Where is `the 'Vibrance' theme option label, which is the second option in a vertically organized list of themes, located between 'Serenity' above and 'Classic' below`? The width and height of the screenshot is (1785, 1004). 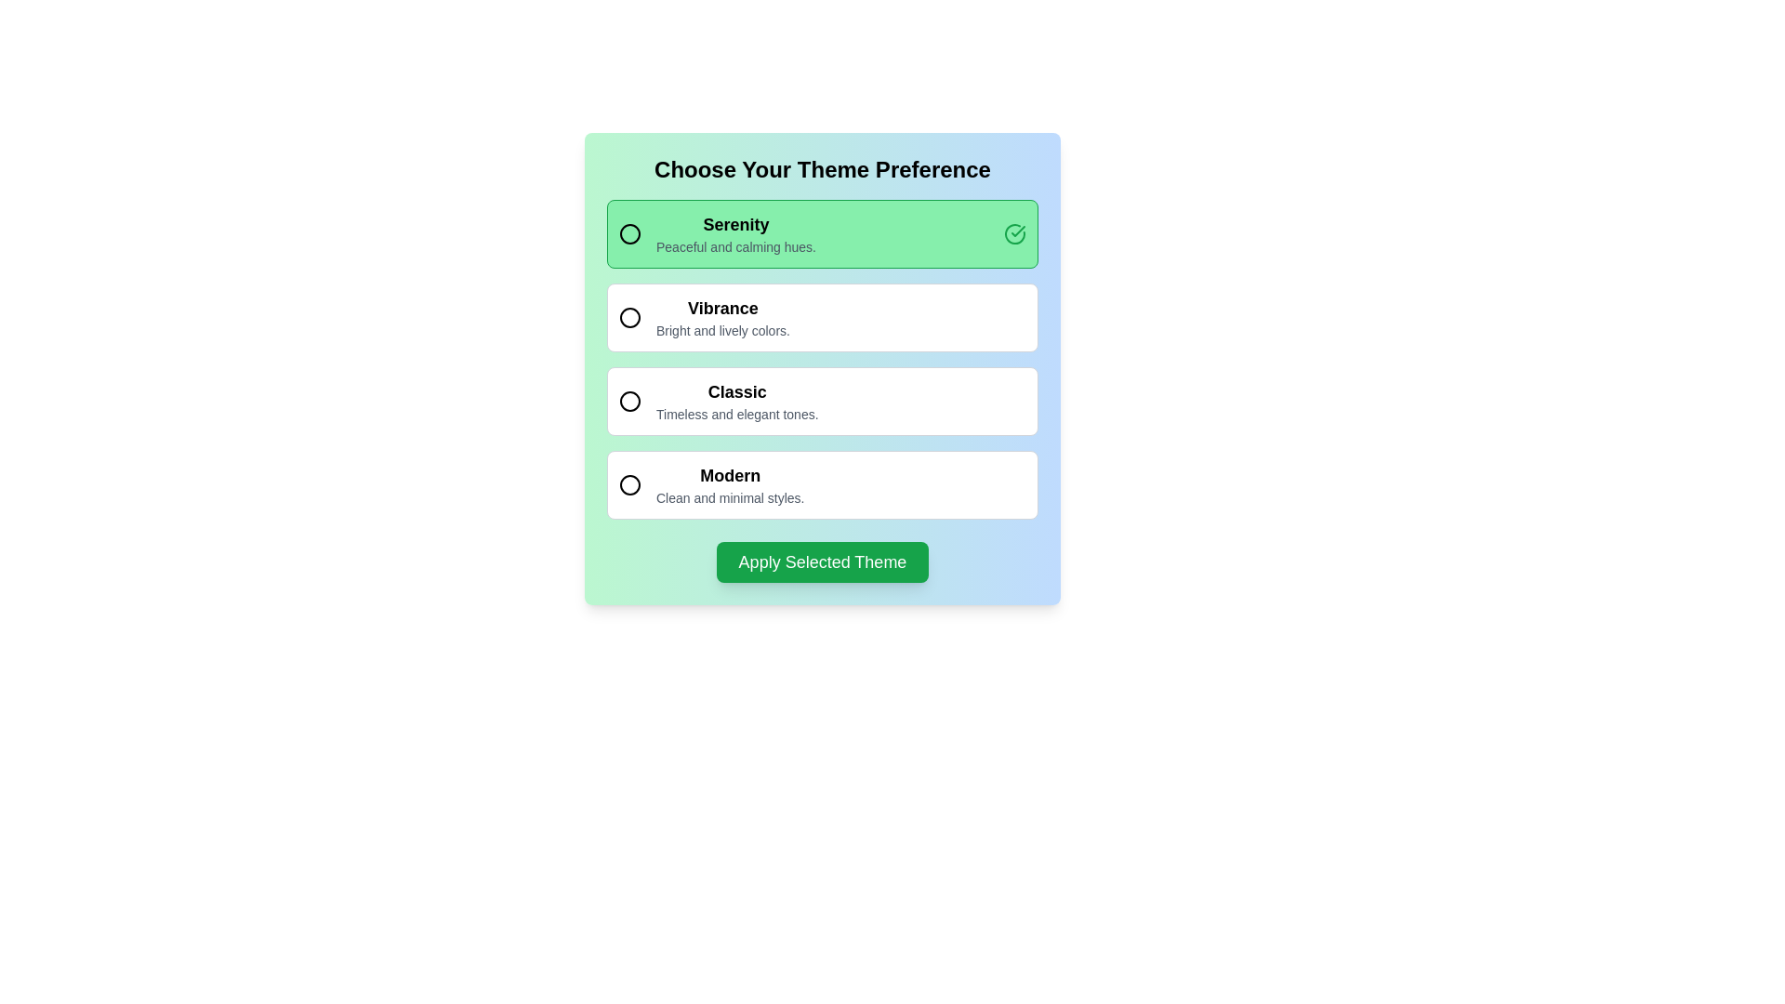
the 'Vibrance' theme option label, which is the second option in a vertically organized list of themes, located between 'Serenity' above and 'Classic' below is located at coordinates (721, 307).